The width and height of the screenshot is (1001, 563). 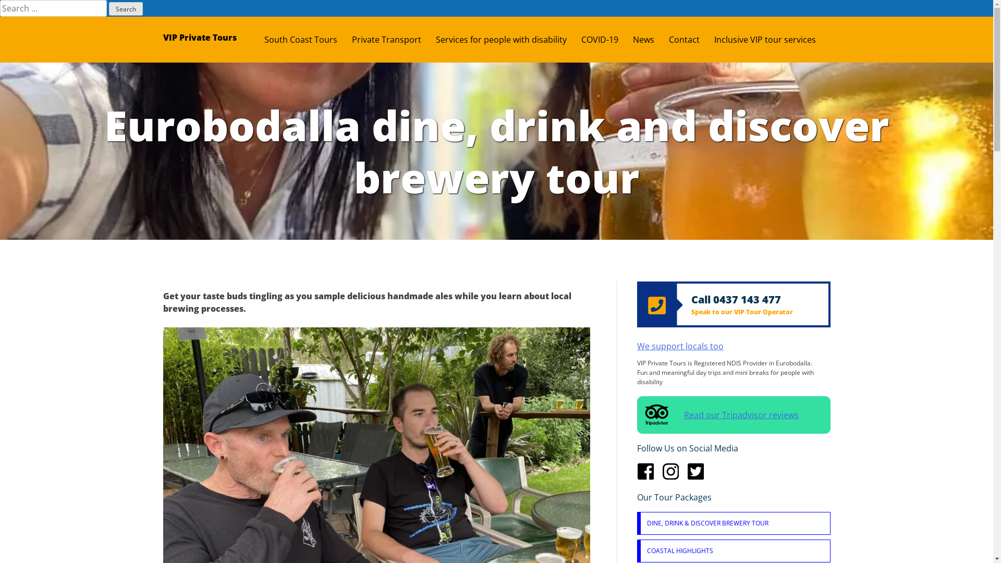 I want to click on 'Read our Tripadvisor reviews', so click(x=733, y=414).